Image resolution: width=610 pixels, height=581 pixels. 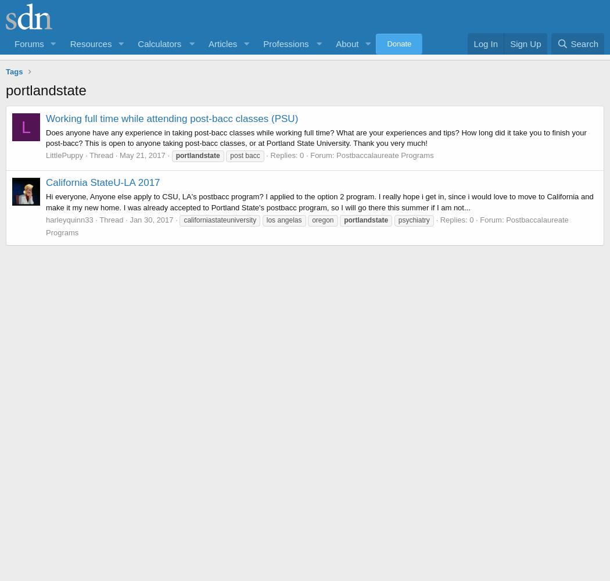 What do you see at coordinates (346, 43) in the screenshot?
I see `'About'` at bounding box center [346, 43].